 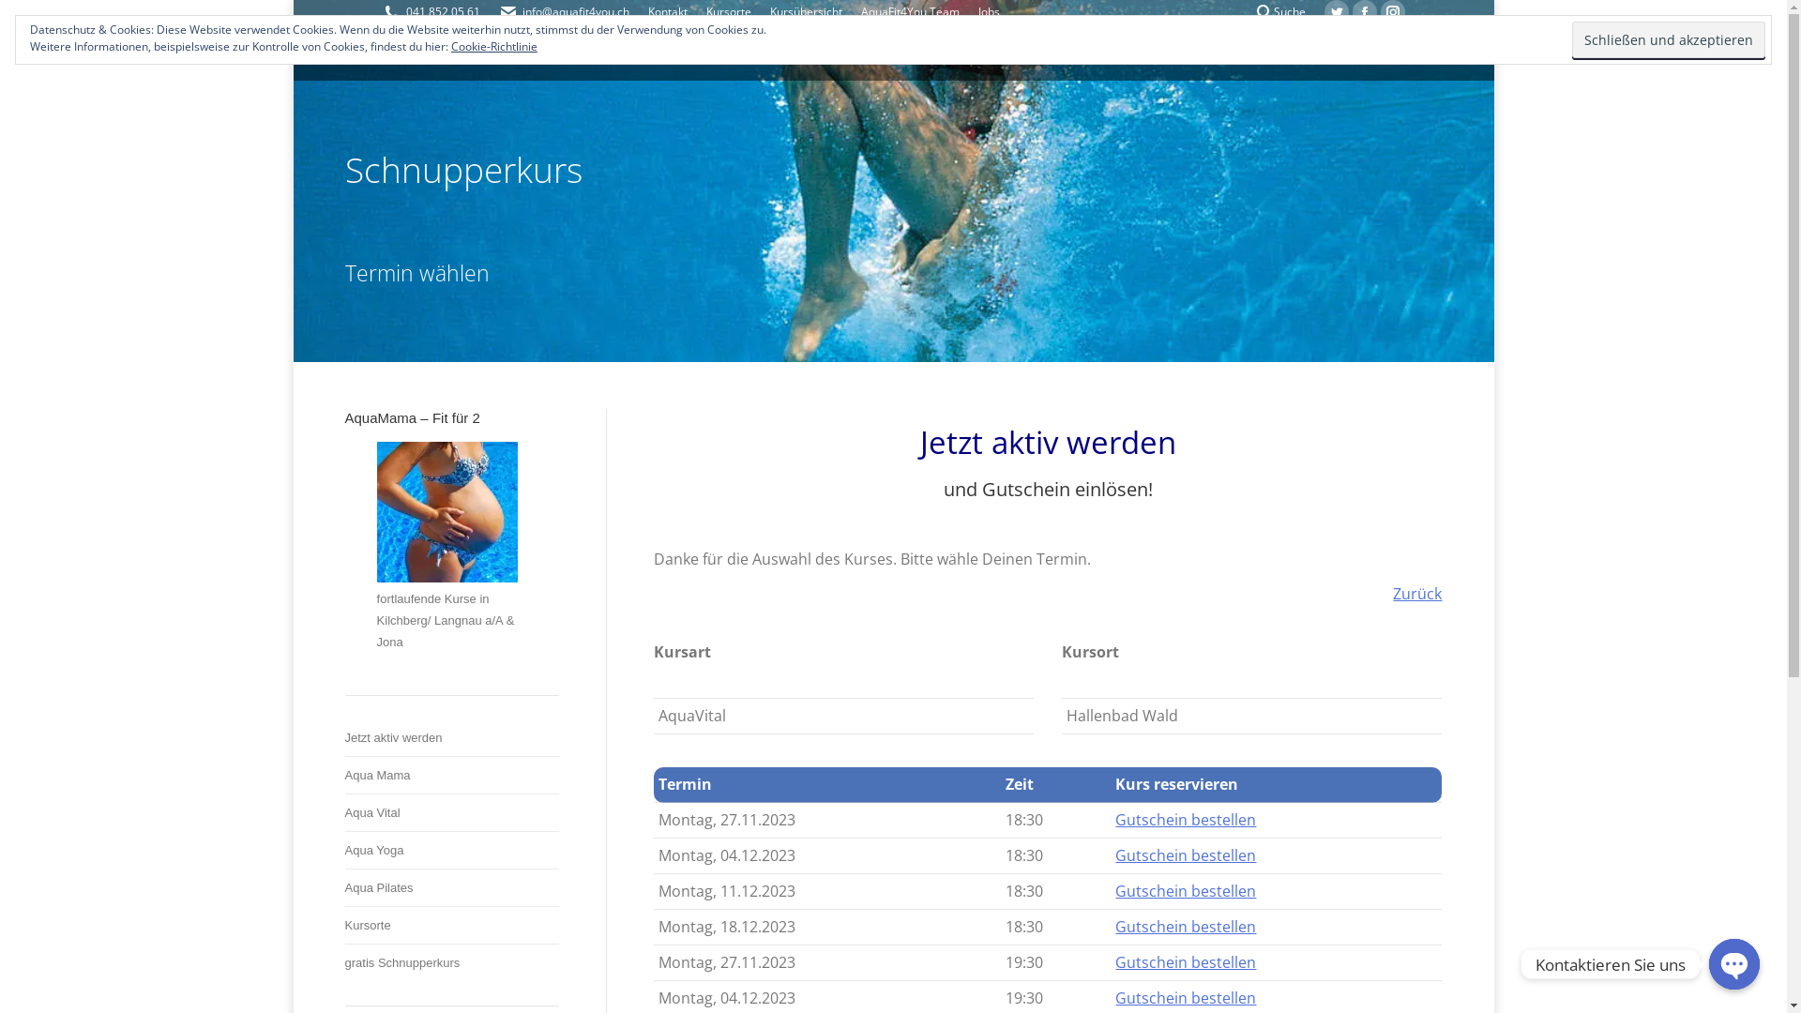 What do you see at coordinates (378, 887) in the screenshot?
I see `'Aqua Pilates'` at bounding box center [378, 887].